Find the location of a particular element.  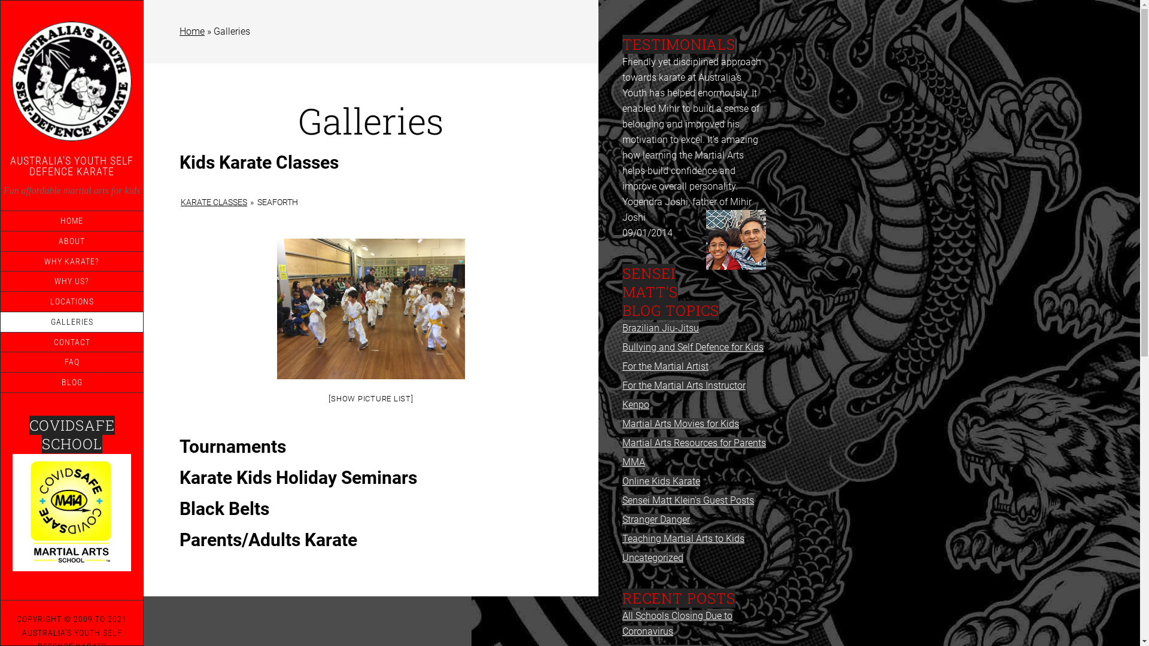

'Bullying and Self Defence for Kids' is located at coordinates (692, 347).